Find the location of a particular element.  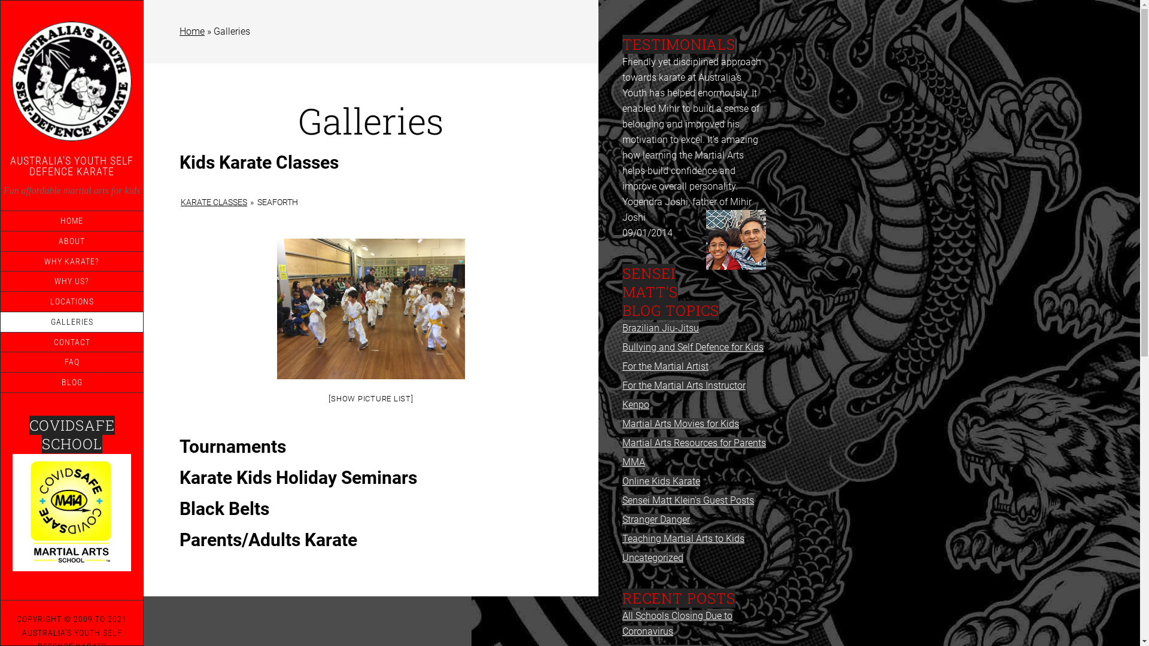

'Bullying and Self Defence for Kids' is located at coordinates (692, 347).